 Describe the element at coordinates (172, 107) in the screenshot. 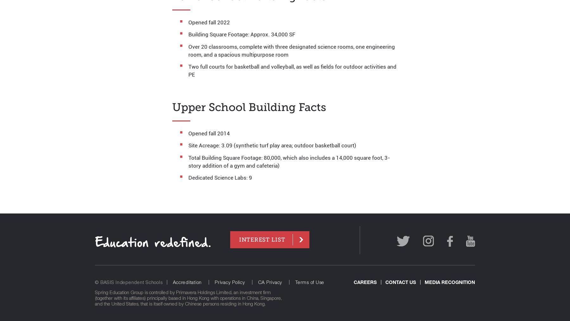

I see `'Upper School Building Facts'` at that location.